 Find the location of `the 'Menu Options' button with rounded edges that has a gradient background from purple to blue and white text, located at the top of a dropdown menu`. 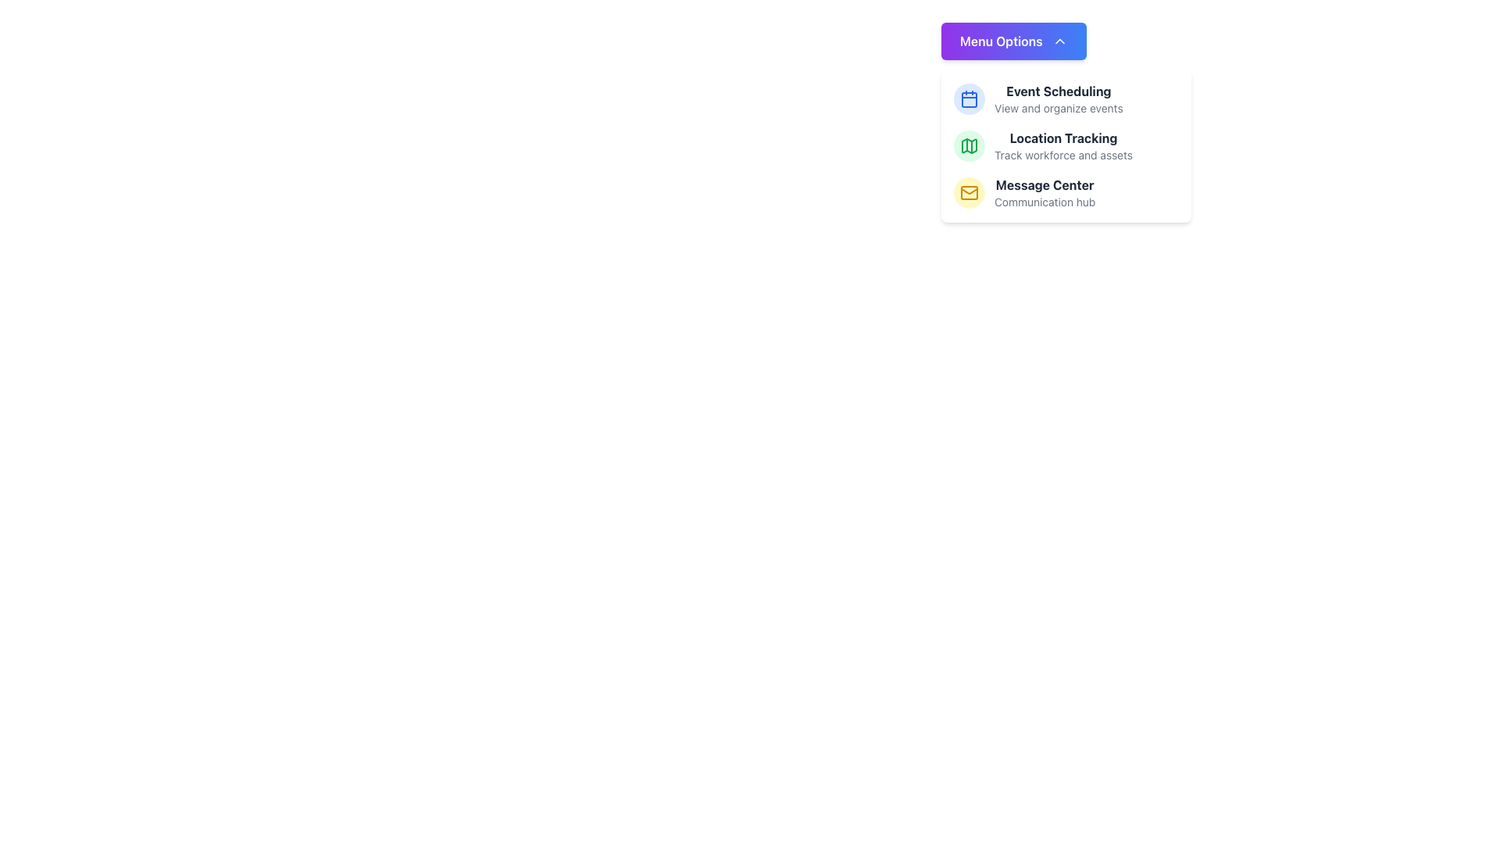

the 'Menu Options' button with rounded edges that has a gradient background from purple to blue and white text, located at the top of a dropdown menu is located at coordinates (1013, 41).